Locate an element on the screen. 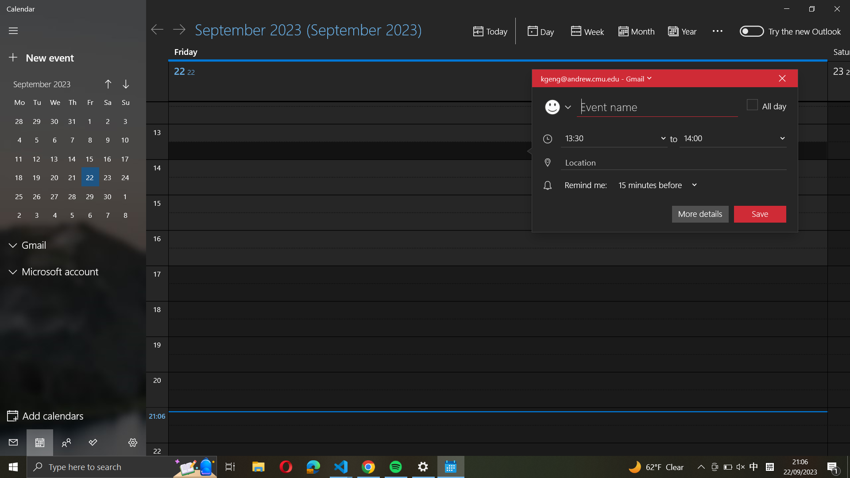 The height and width of the screenshot is (478, 850). the calendar for the entire year is located at coordinates (684, 31).